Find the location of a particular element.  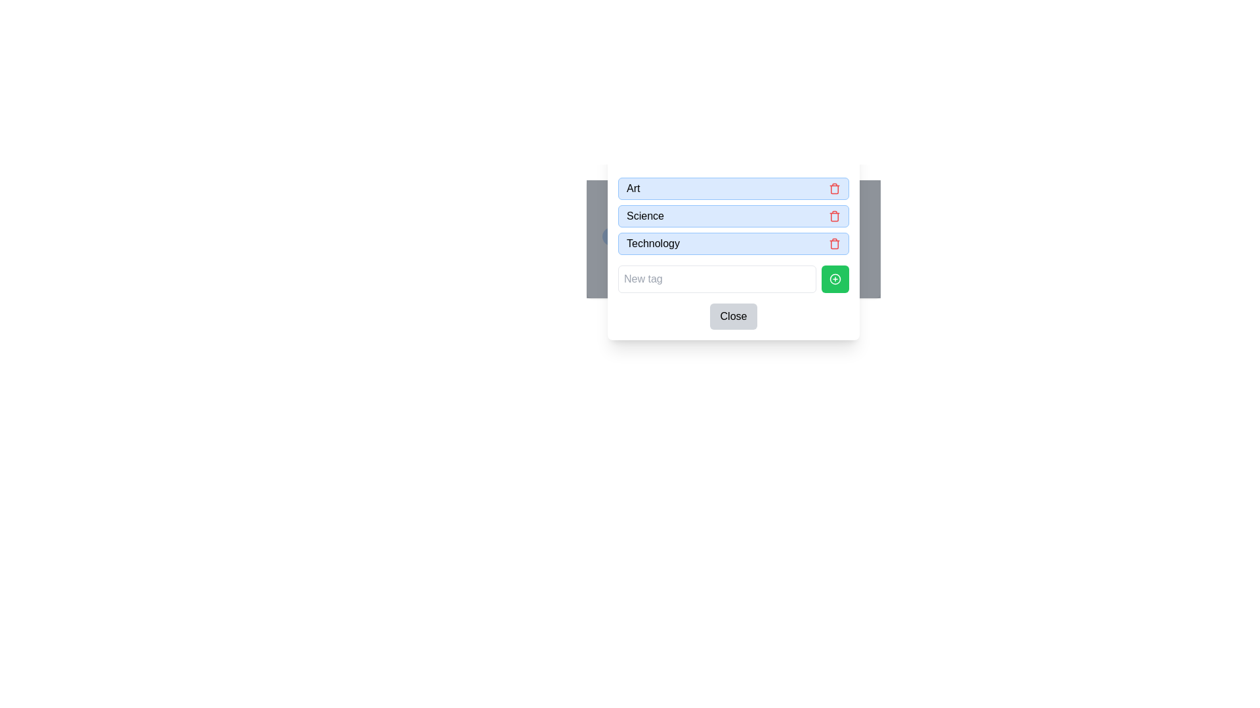

the circular 'add' icon located at the bottom-right corner of the pop-up window is located at coordinates (834, 278).